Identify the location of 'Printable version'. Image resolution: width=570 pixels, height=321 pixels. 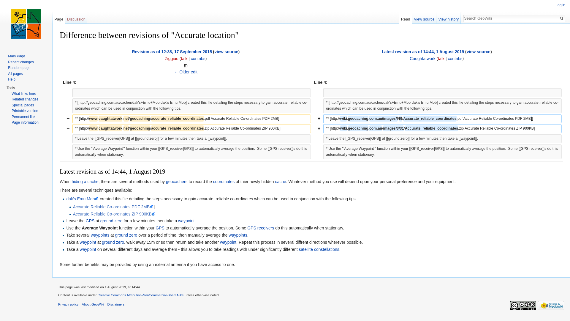
(11, 111).